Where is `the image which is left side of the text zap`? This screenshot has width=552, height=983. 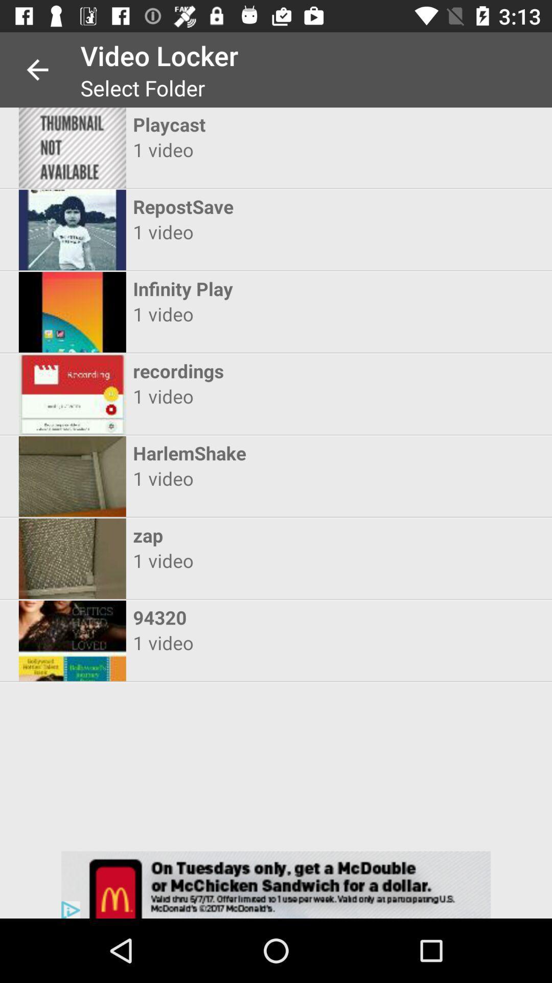 the image which is left side of the text zap is located at coordinates (72, 558).